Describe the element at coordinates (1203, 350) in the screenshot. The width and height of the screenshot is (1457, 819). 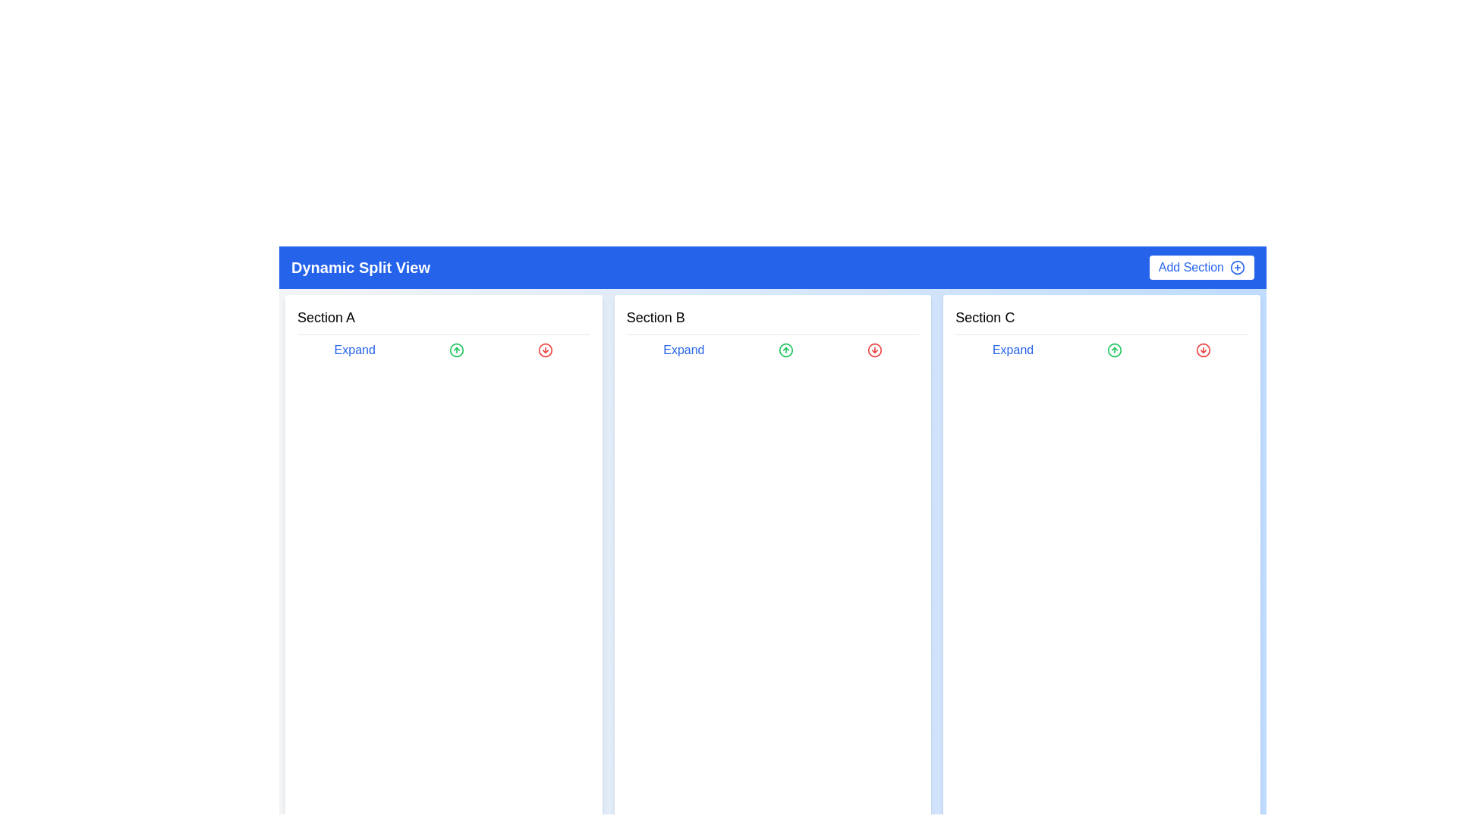
I see `the circular red icon button with a downward-pointing arrow located to the right of the green upward-pointing arrow under the 'Expand' link in Section C` at that location.